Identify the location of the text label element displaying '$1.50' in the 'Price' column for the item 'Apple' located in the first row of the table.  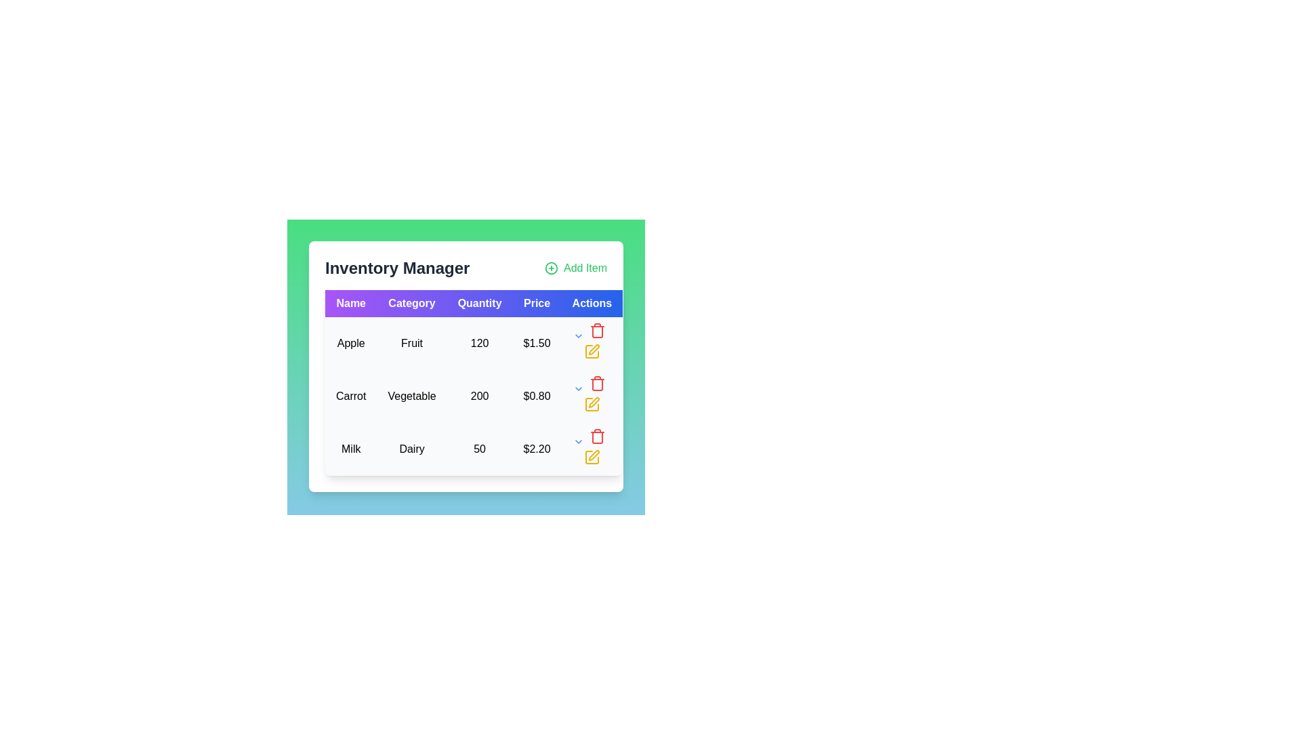
(536, 342).